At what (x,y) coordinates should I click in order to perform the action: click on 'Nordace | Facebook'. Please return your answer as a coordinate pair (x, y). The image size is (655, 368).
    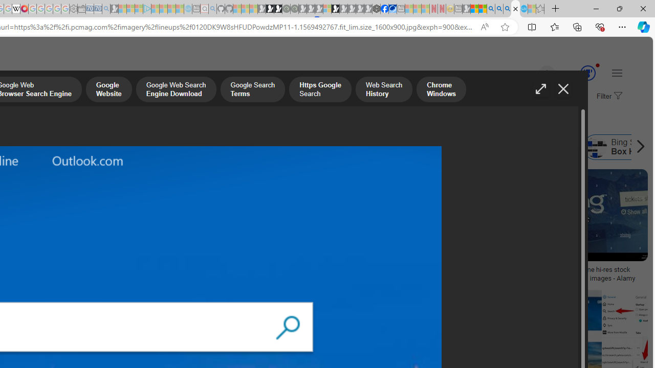
    Looking at the image, I should click on (384, 9).